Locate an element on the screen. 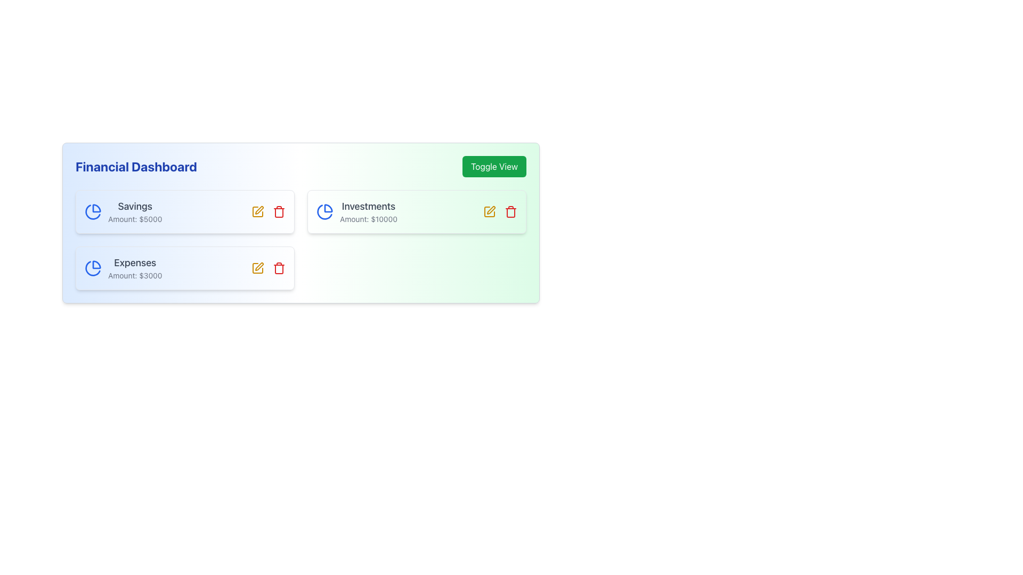 The image size is (1023, 575). the label indicating that the information in this panel pertains to investments, located at the top left area of the 'Investments' panel is located at coordinates (368, 207).